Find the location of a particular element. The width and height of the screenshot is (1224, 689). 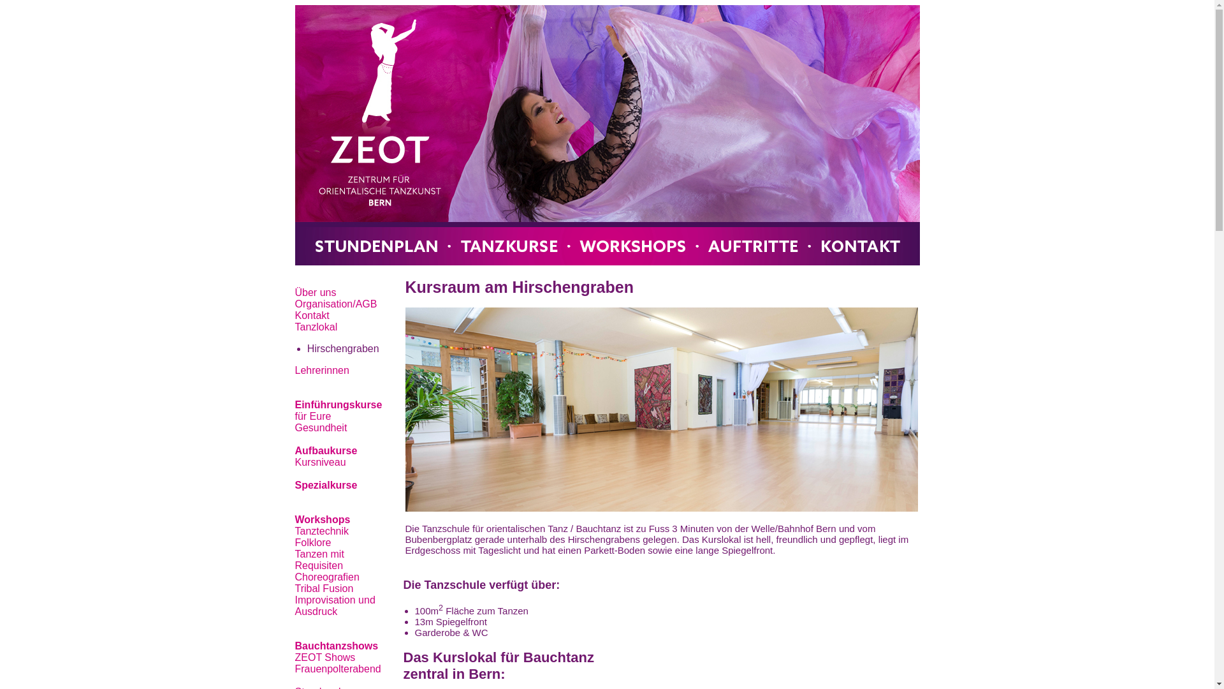

'Frauenpolterabend' is located at coordinates (337, 668).